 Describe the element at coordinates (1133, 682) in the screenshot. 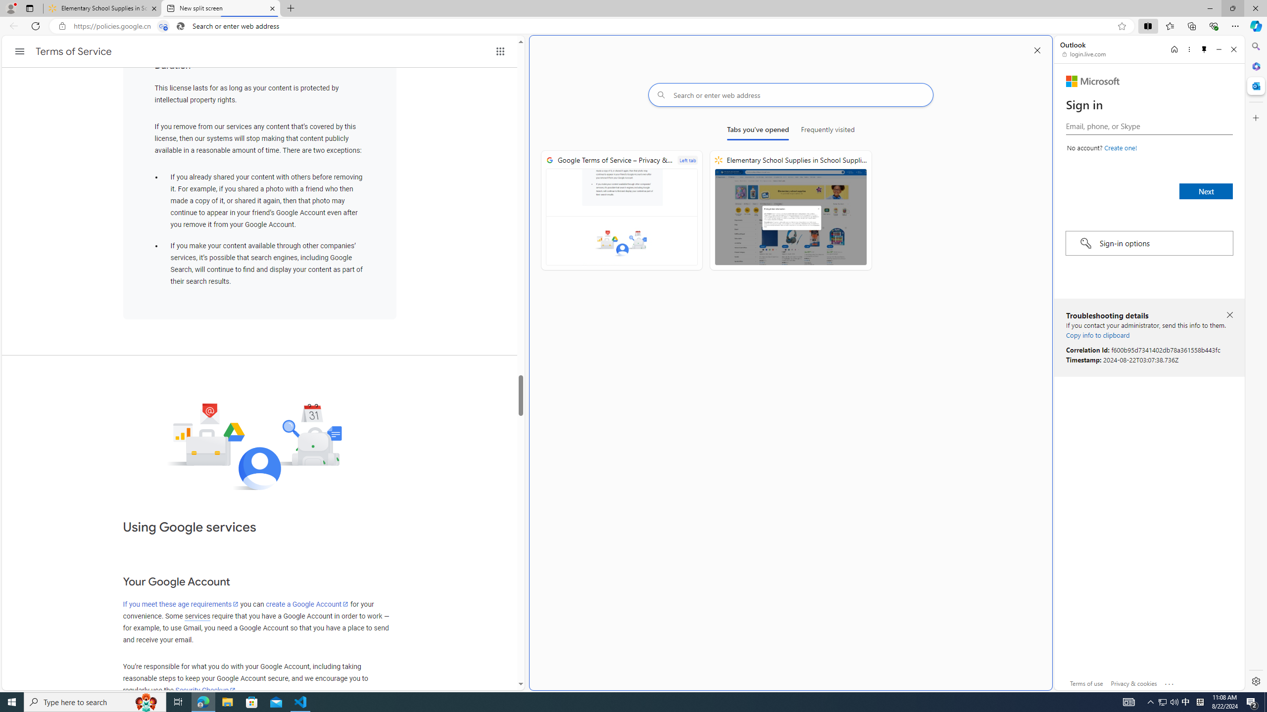

I see `'Privacy & cookies'` at that location.